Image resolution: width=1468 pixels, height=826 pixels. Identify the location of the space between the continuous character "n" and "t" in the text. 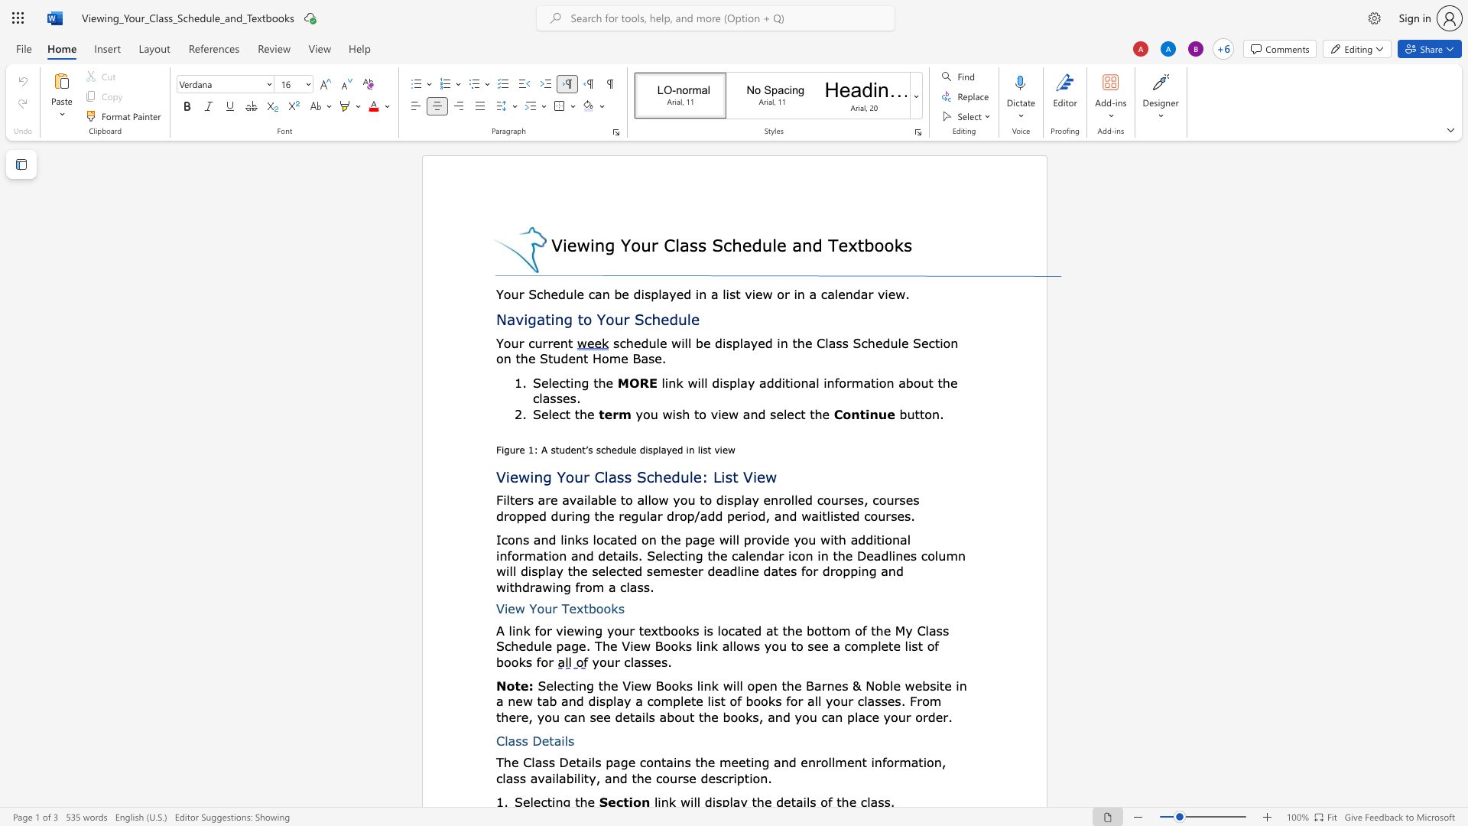
(566, 342).